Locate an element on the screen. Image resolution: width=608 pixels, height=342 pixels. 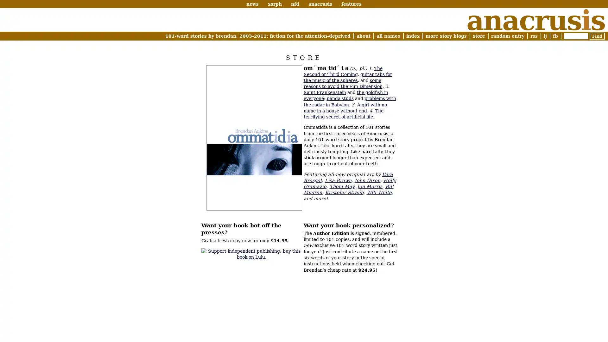
Find is located at coordinates (597, 36).